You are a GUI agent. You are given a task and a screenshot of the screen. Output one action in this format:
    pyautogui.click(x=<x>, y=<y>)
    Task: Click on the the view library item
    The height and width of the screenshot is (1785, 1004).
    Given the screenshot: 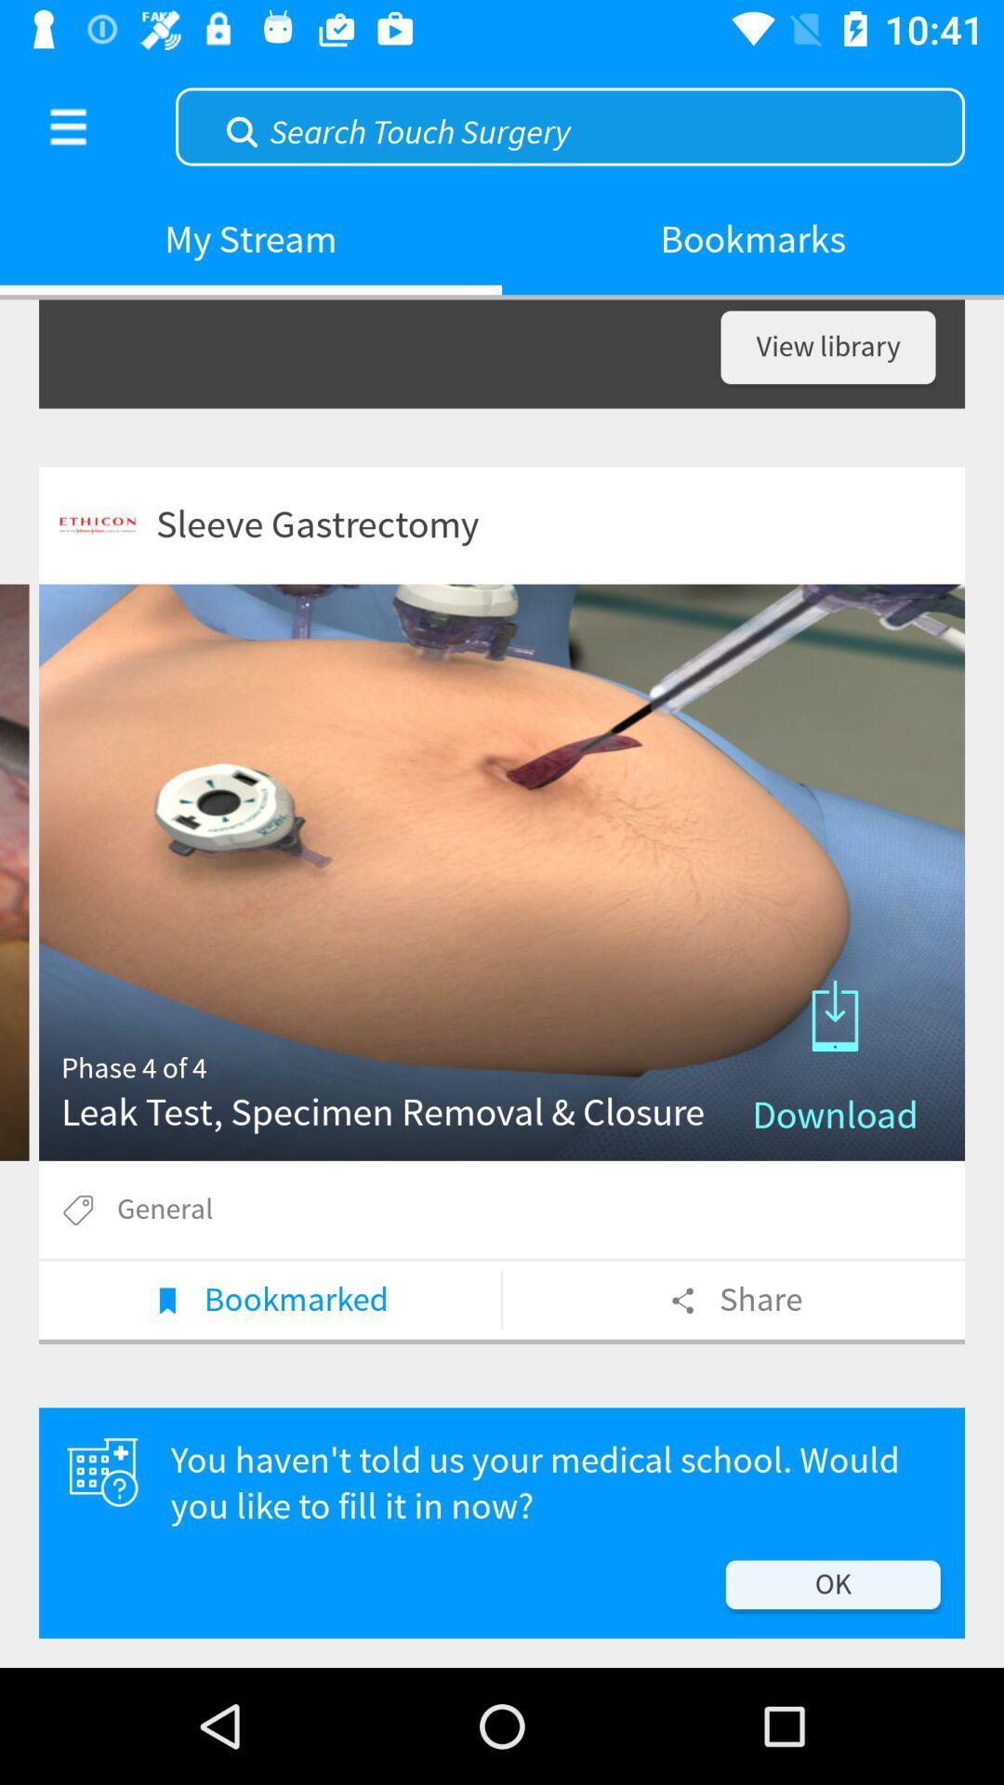 What is the action you would take?
    pyautogui.click(x=827, y=347)
    